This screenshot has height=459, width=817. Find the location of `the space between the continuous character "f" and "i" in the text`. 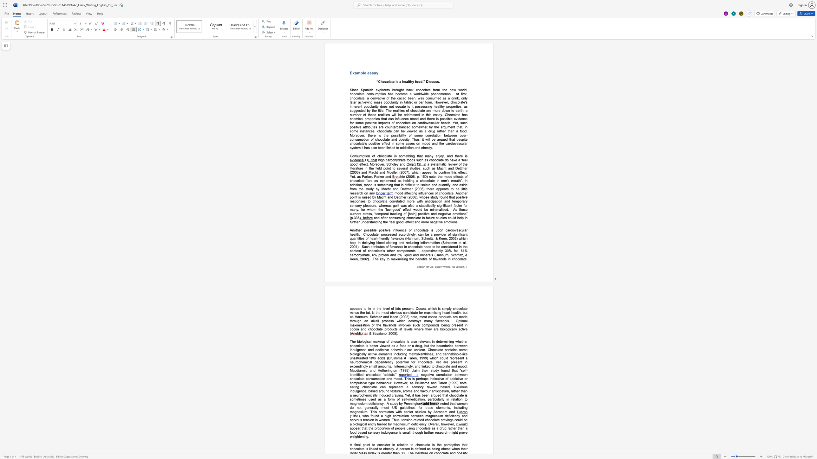

the space between the continuous character "f" and "i" in the text is located at coordinates (355, 444).